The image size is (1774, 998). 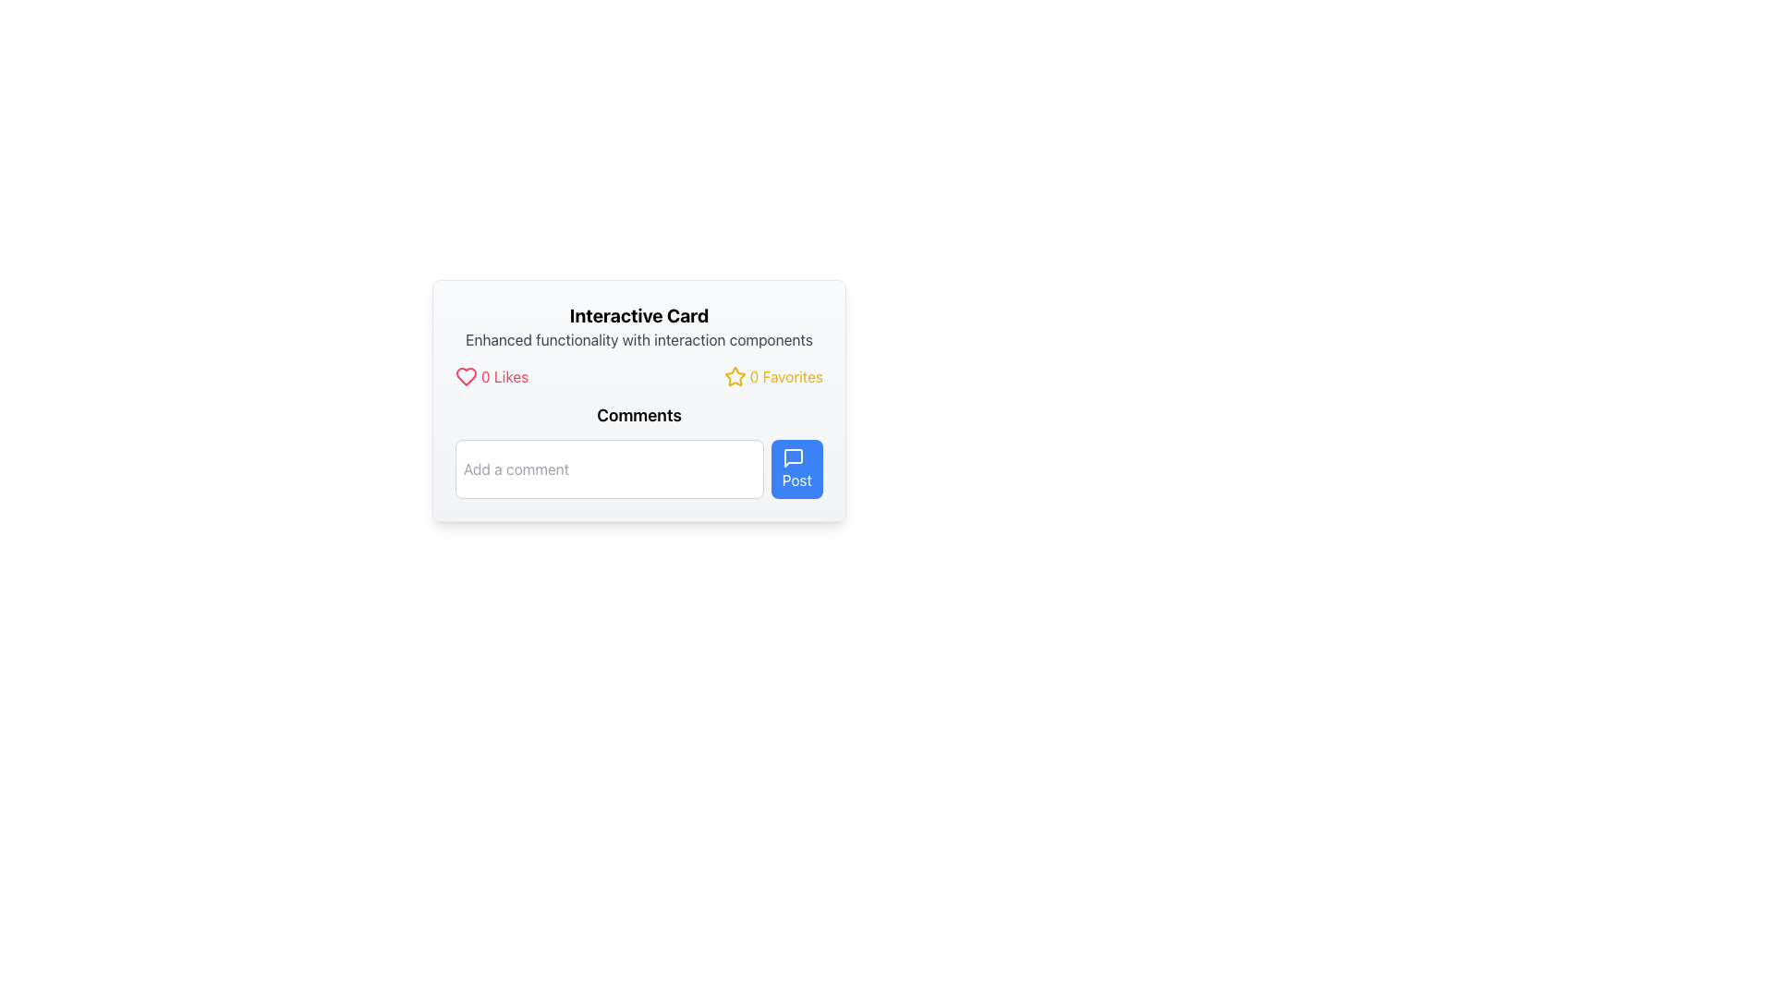 What do you see at coordinates (734, 376) in the screenshot?
I see `the favorite icon located within the '0 Favorites' section, which visually represents the favorite or rating system` at bounding box center [734, 376].